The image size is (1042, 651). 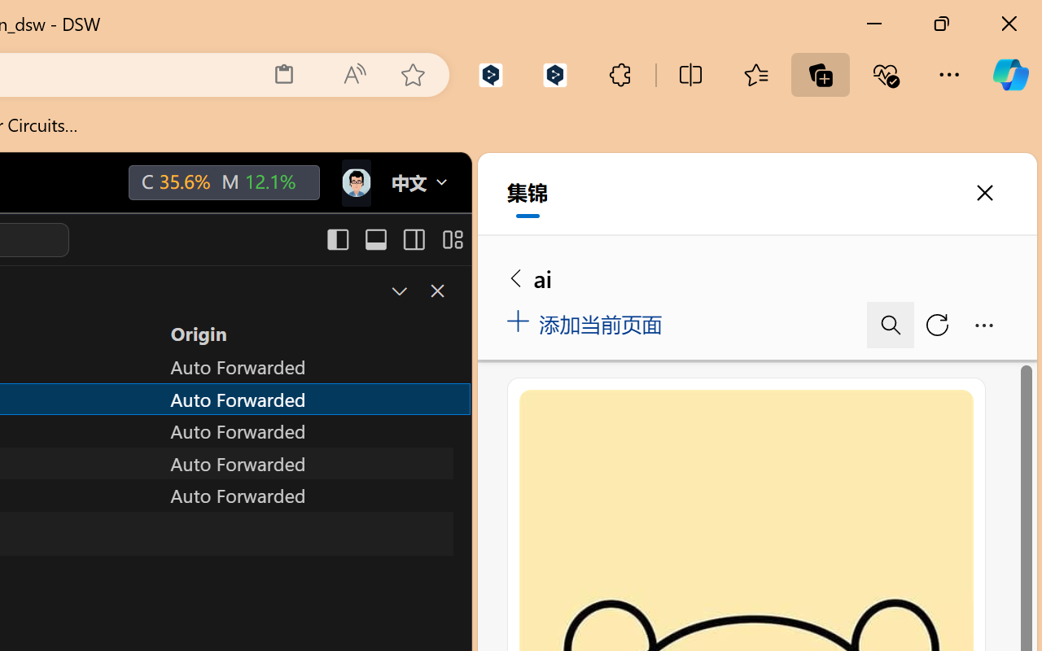 I want to click on 'Close Panel', so click(x=436, y=291).